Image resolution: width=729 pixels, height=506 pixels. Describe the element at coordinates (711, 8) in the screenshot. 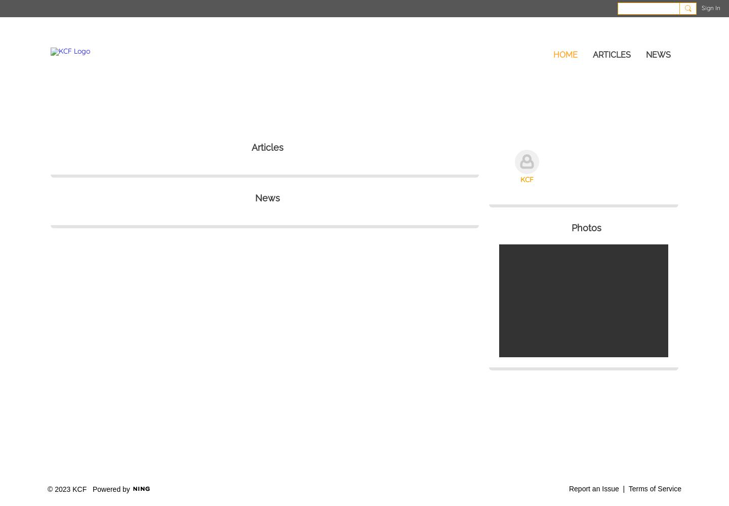

I see `'Sign In'` at that location.